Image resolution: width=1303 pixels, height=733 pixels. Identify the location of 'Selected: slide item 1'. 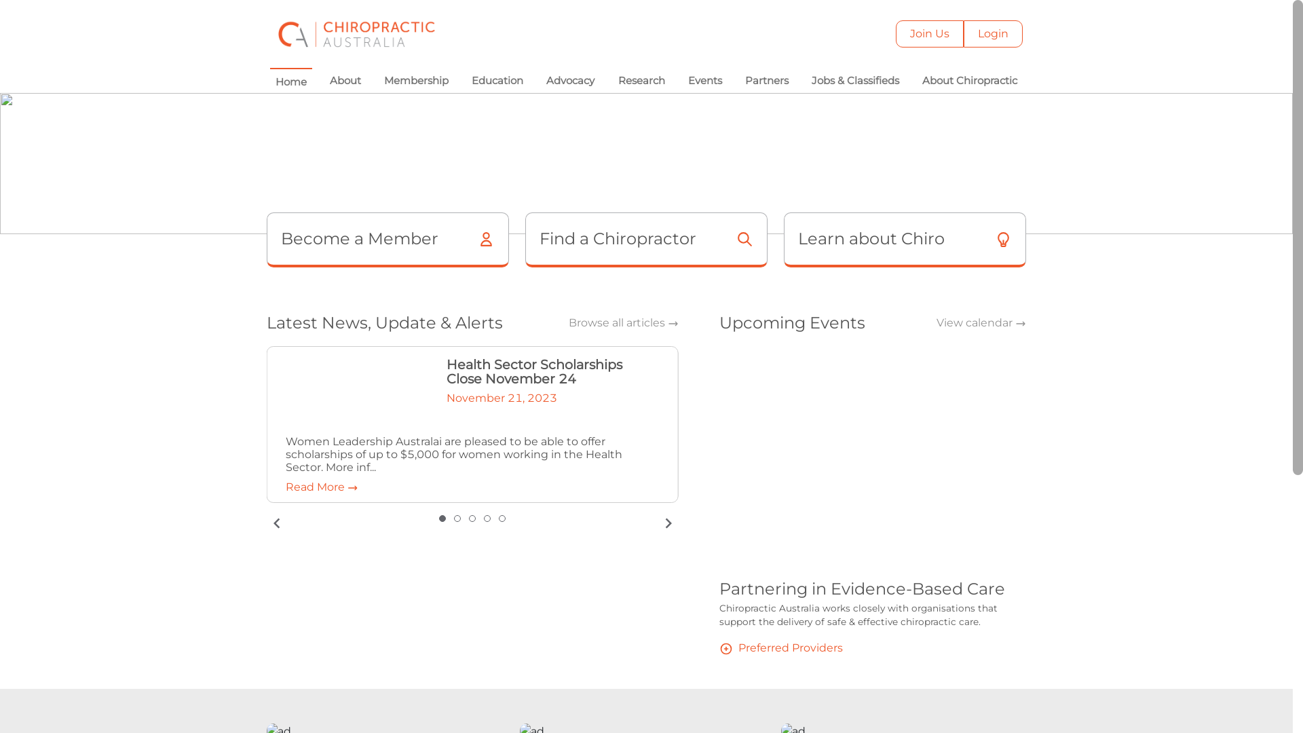
(439, 518).